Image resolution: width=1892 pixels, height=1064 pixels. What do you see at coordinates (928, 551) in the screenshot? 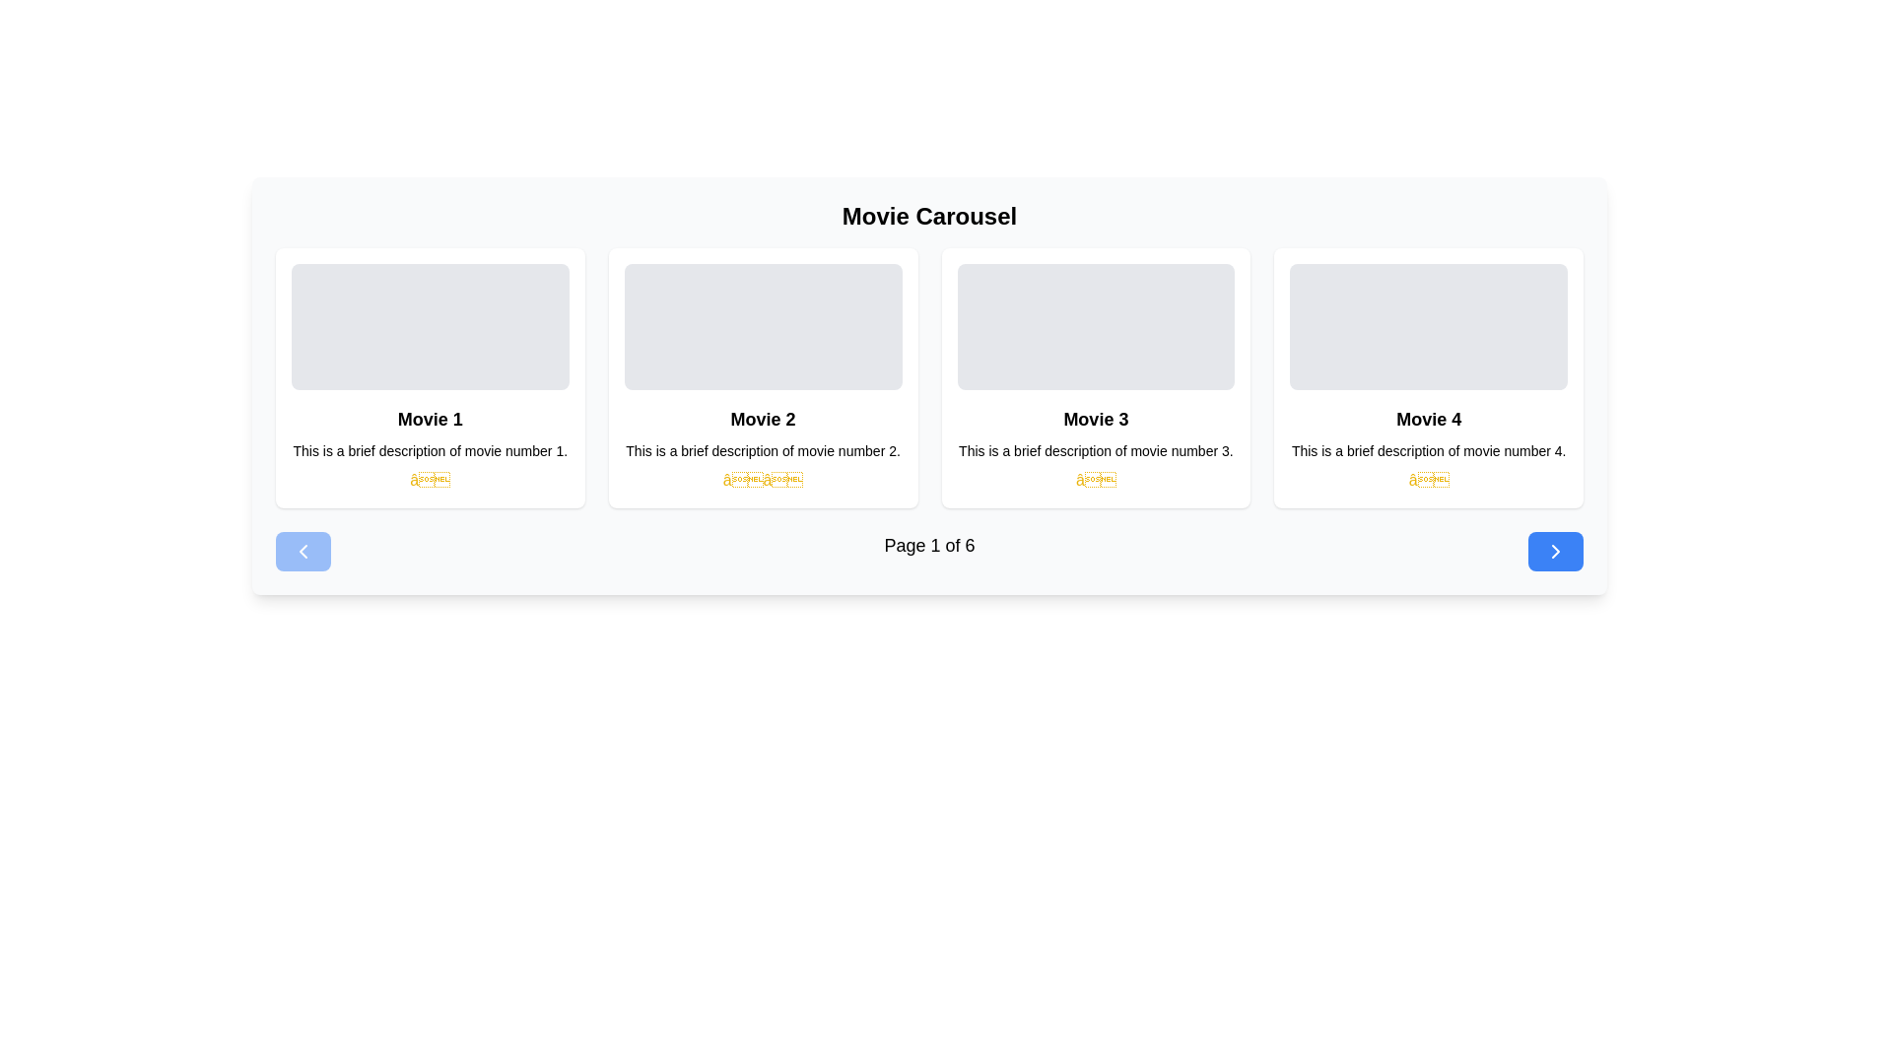
I see `the pagination display element that shows the current page and total pages, reading 'Page 1 of 6', located at the bottom of the movie cards grid` at bounding box center [928, 551].